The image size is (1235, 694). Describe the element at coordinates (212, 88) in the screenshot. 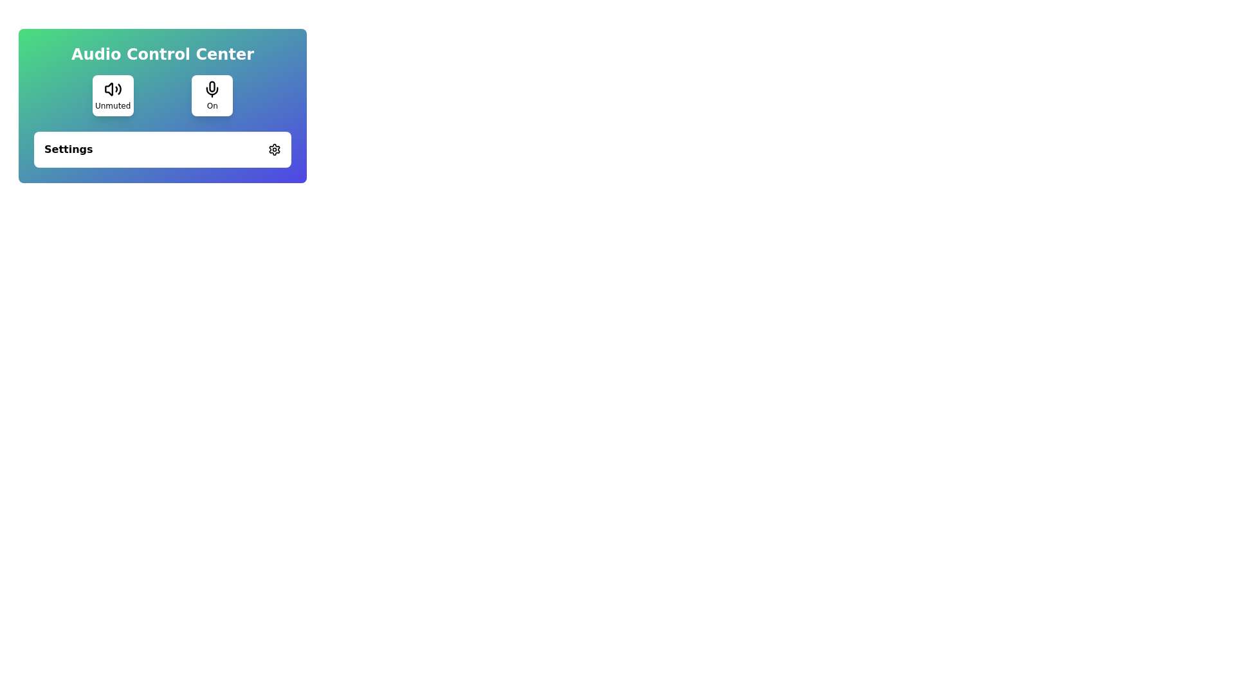

I see `the microphone icon within the 'Audio Control Center'` at that location.